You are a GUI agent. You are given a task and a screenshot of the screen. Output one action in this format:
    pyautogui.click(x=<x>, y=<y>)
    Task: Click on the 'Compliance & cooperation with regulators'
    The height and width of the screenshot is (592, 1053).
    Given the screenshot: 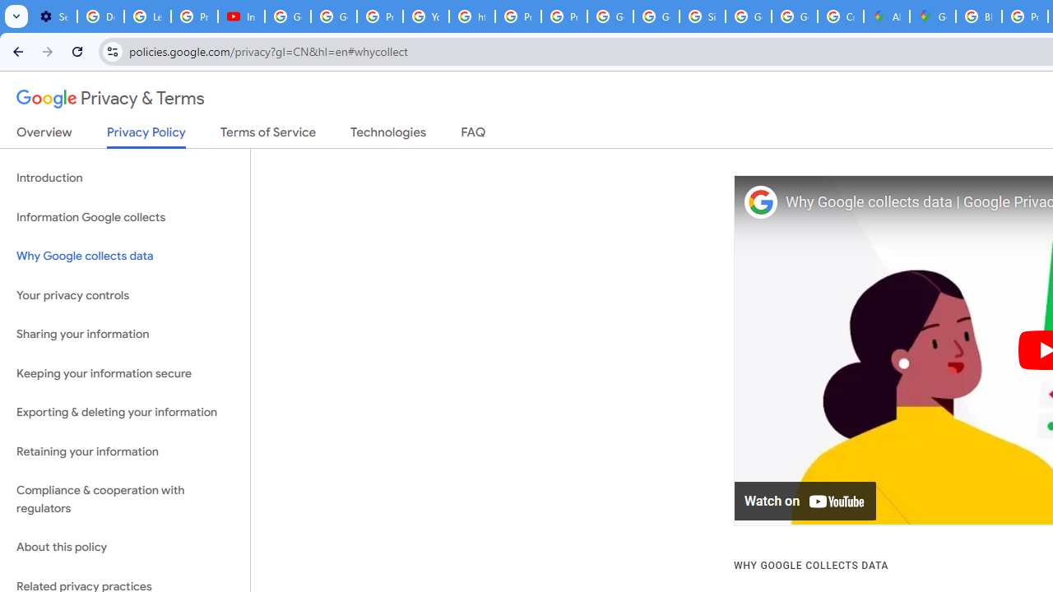 What is the action you would take?
    pyautogui.click(x=124, y=499)
    